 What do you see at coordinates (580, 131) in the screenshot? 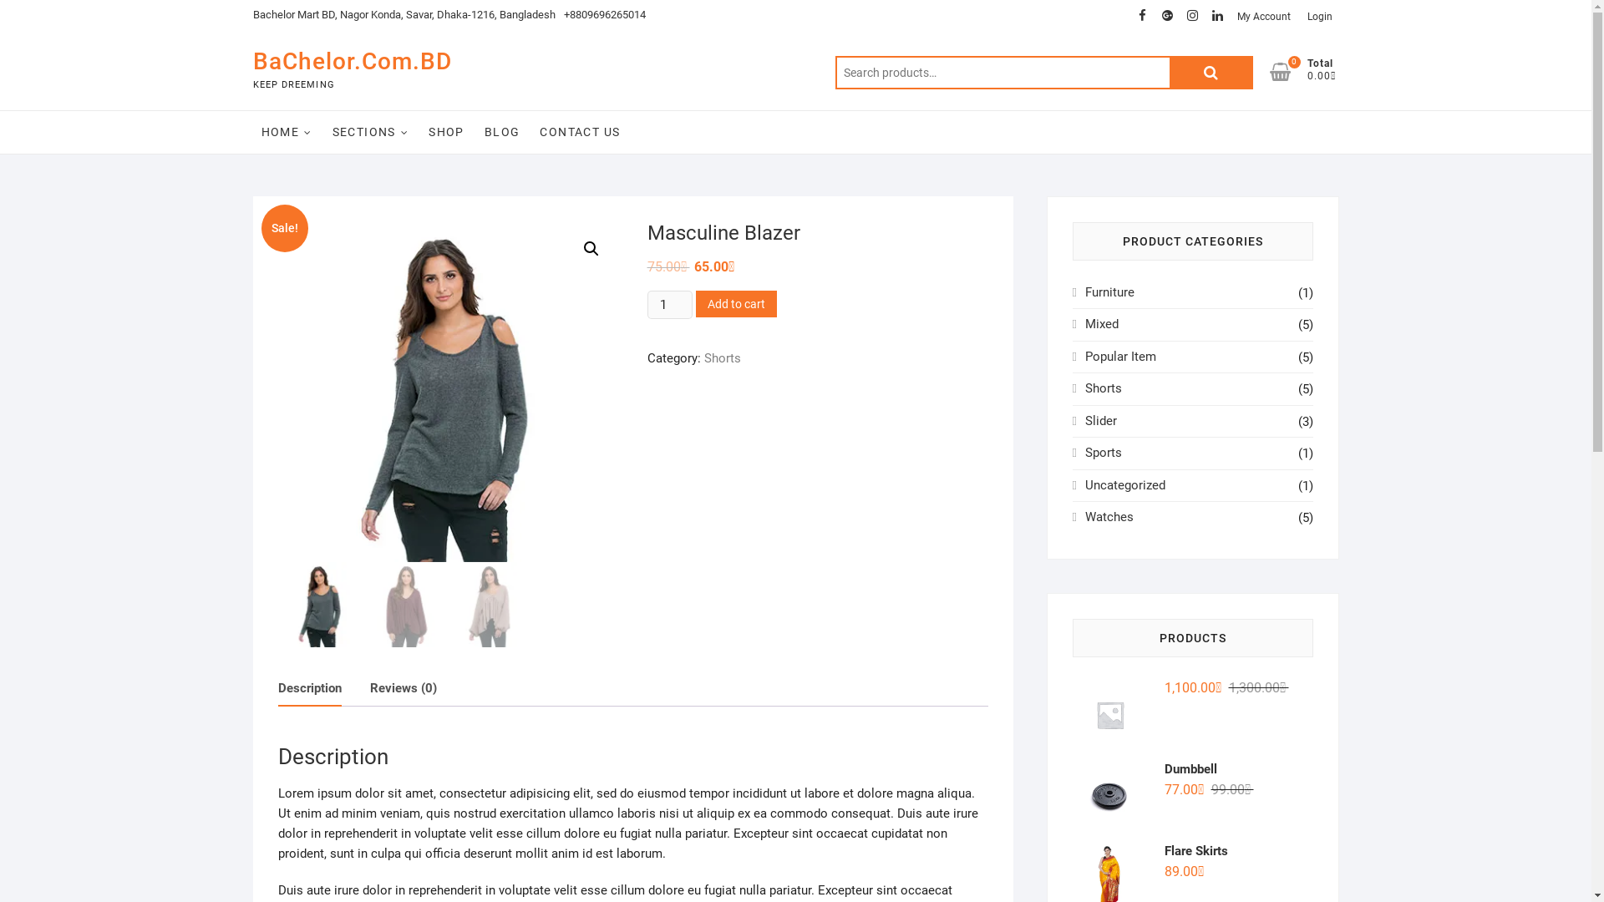
I see `'CONTACT US'` at bounding box center [580, 131].